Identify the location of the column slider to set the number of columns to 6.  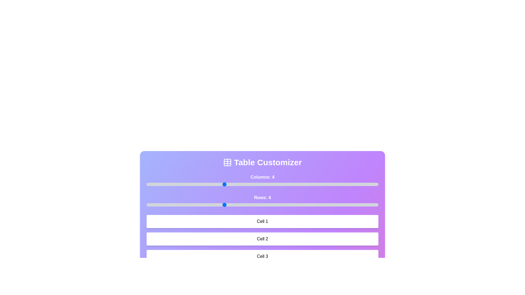
(301, 184).